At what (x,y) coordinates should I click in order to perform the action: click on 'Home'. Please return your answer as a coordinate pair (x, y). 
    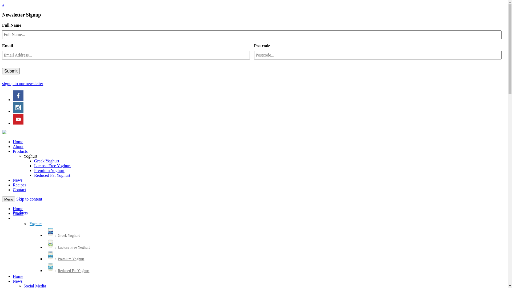
    Looking at the image, I should click on (18, 208).